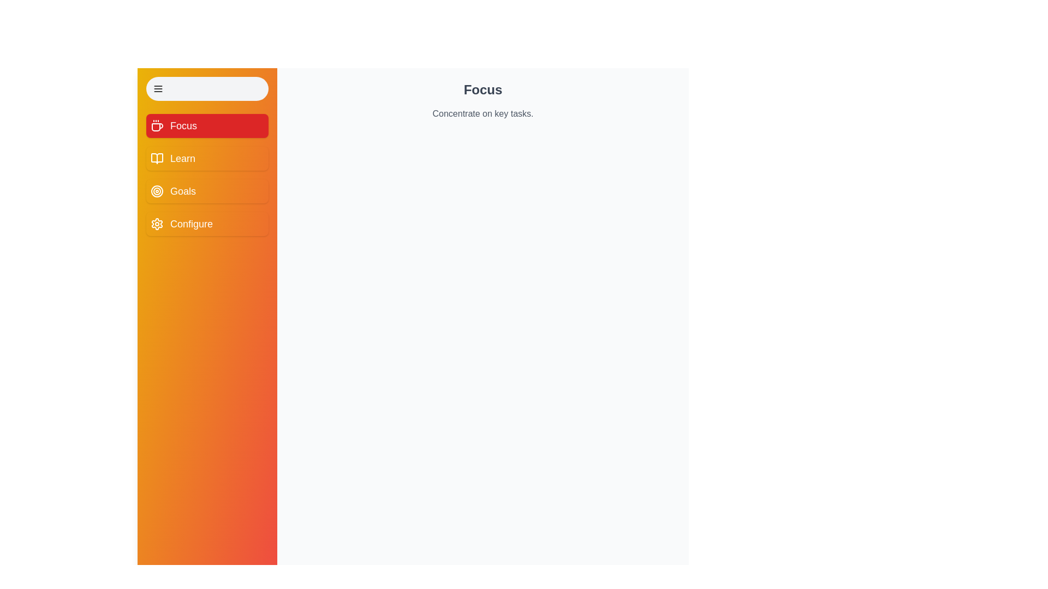 This screenshot has height=589, width=1048. I want to click on the menu item Goals to display its content, so click(207, 191).